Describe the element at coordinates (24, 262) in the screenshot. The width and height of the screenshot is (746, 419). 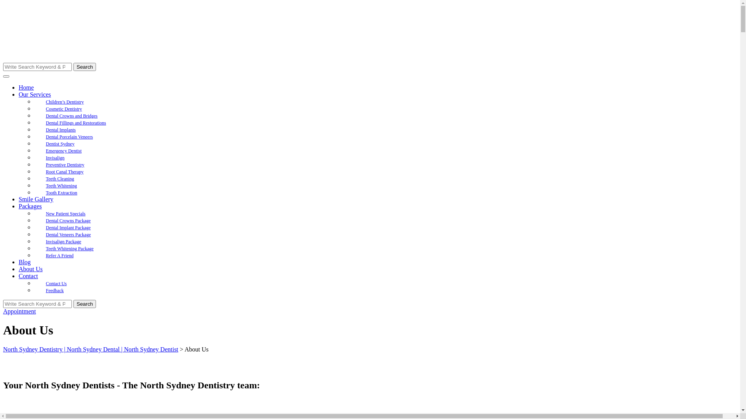
I see `'Blog'` at that location.